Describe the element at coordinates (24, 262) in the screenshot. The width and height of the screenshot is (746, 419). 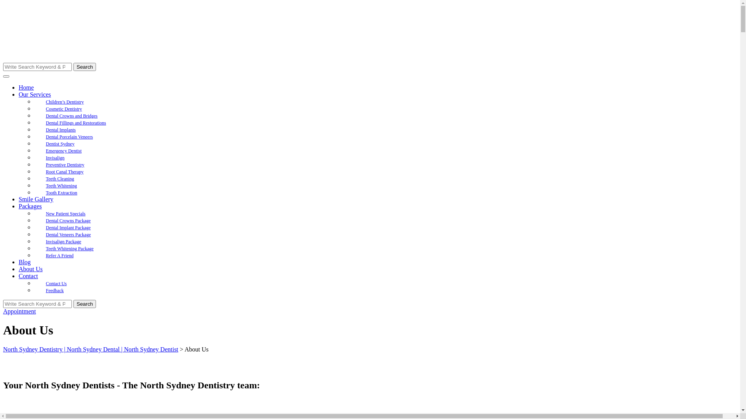
I see `'Blog'` at that location.